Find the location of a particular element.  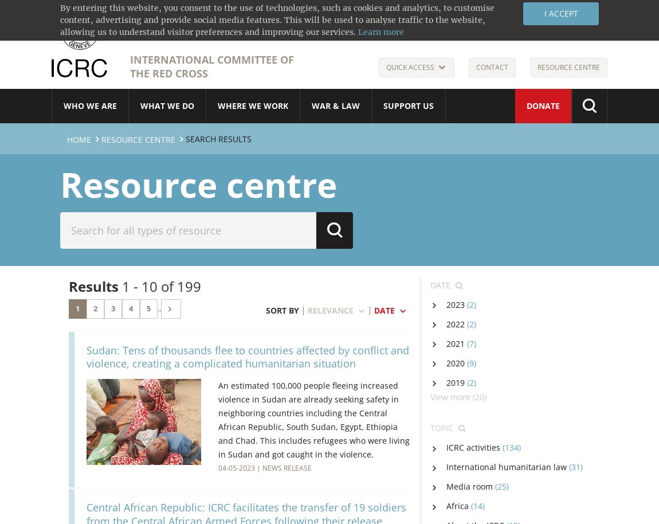

'other languages' is located at coordinates (556, 15).